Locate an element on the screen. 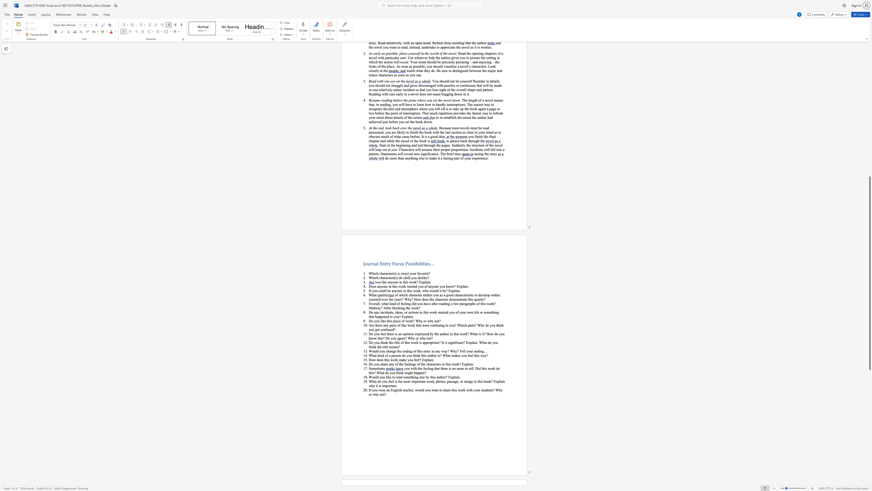 This screenshot has width=872, height=491. the 1th character "a" in the text is located at coordinates (478, 299).